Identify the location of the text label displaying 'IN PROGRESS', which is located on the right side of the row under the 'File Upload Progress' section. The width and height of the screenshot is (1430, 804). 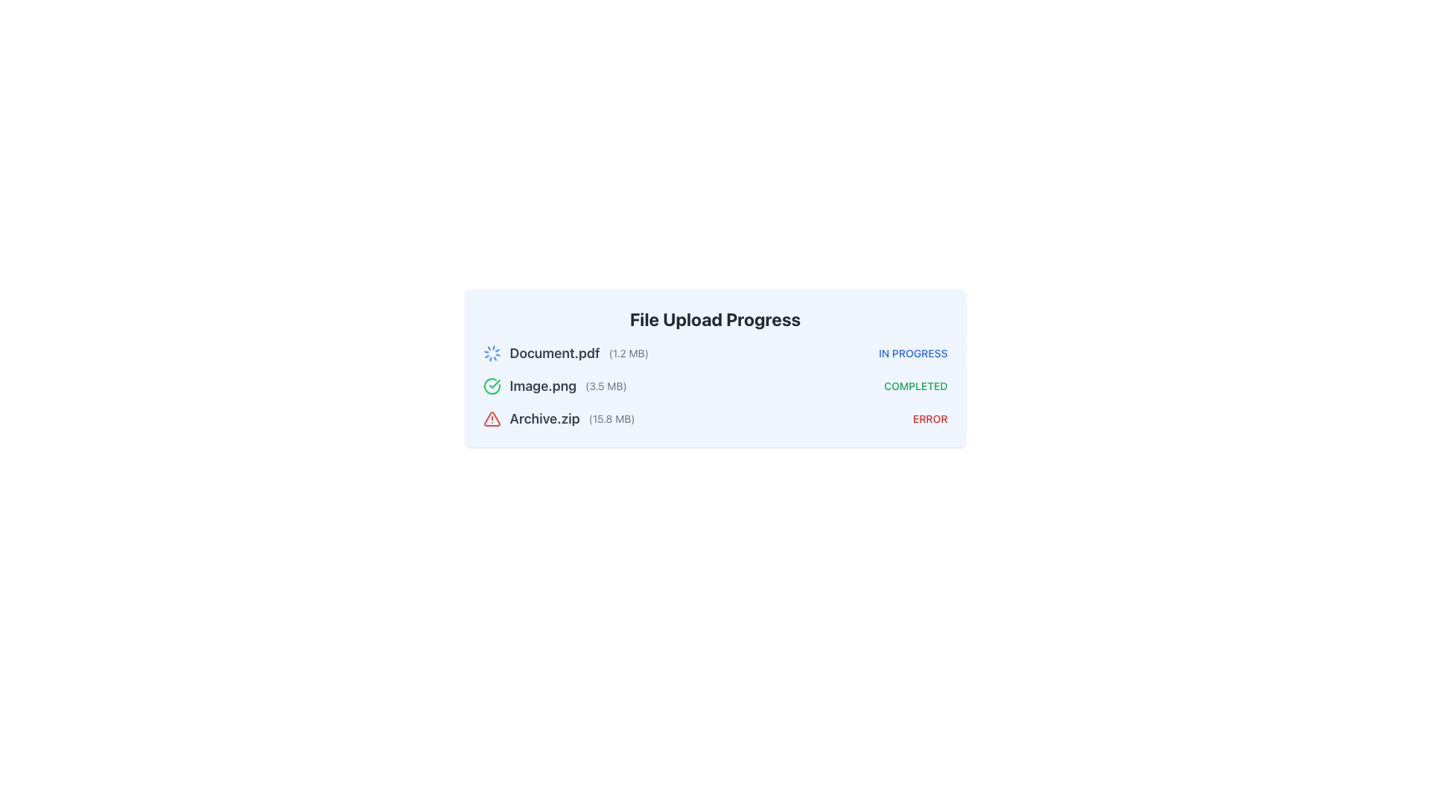
(912, 353).